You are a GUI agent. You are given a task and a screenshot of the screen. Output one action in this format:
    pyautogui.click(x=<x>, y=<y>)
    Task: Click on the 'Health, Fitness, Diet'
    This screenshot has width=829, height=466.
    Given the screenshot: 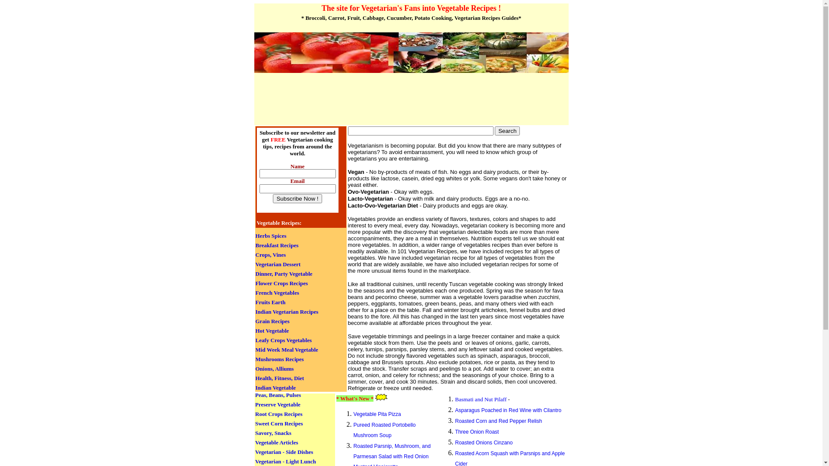 What is the action you would take?
    pyautogui.click(x=255, y=377)
    